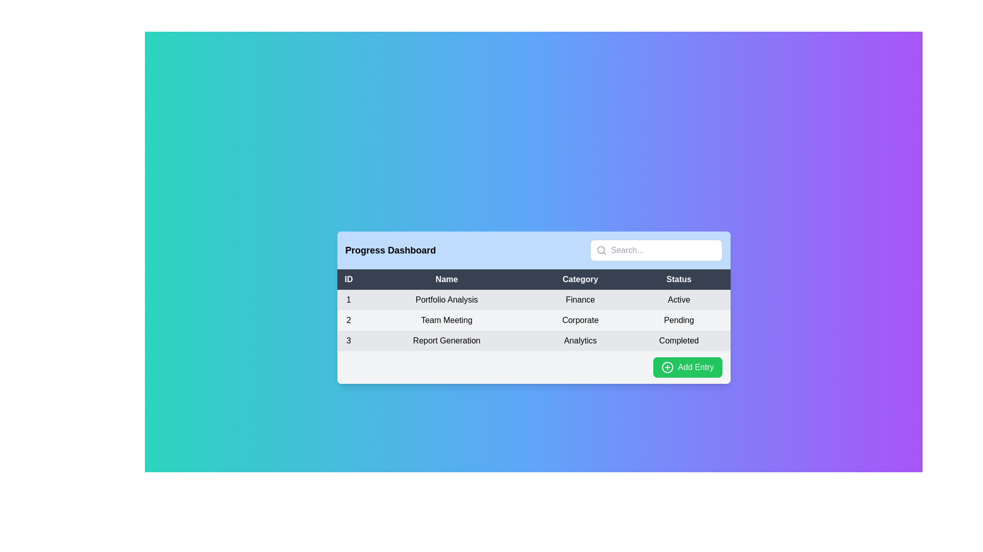 Image resolution: width=983 pixels, height=552 pixels. I want to click on the circular icon with a plus sign inside, styled with a thin green border, located to the left of the 'Add Entry' label in the green rectangular button, so click(668, 366).